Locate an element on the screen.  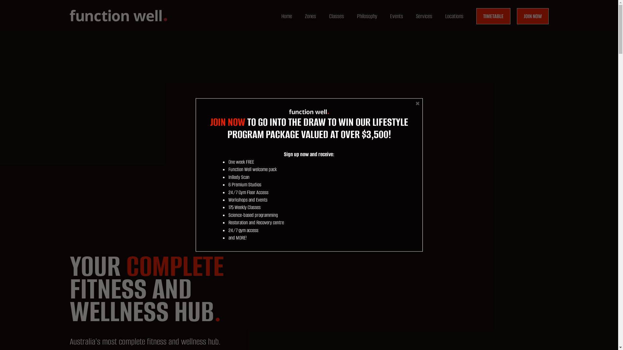
'Close' is located at coordinates (417, 103).